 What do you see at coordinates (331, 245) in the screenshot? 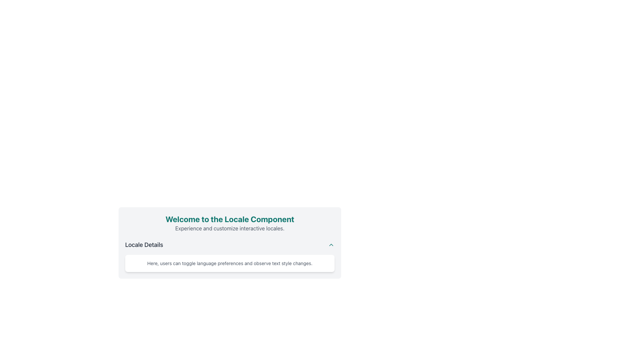
I see `the small teal upward-facing chevron icon located in the top-right corner of the 'Locale Details' section to get more information` at bounding box center [331, 245].